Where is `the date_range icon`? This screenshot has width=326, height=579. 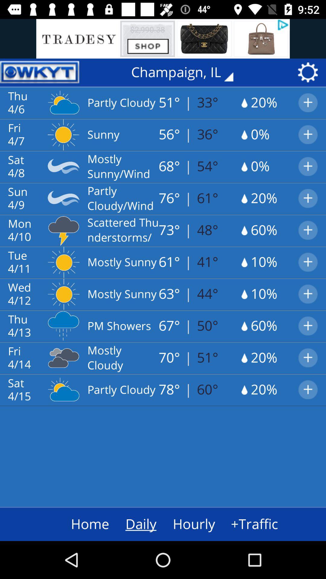
the date_range icon is located at coordinates (40, 72).